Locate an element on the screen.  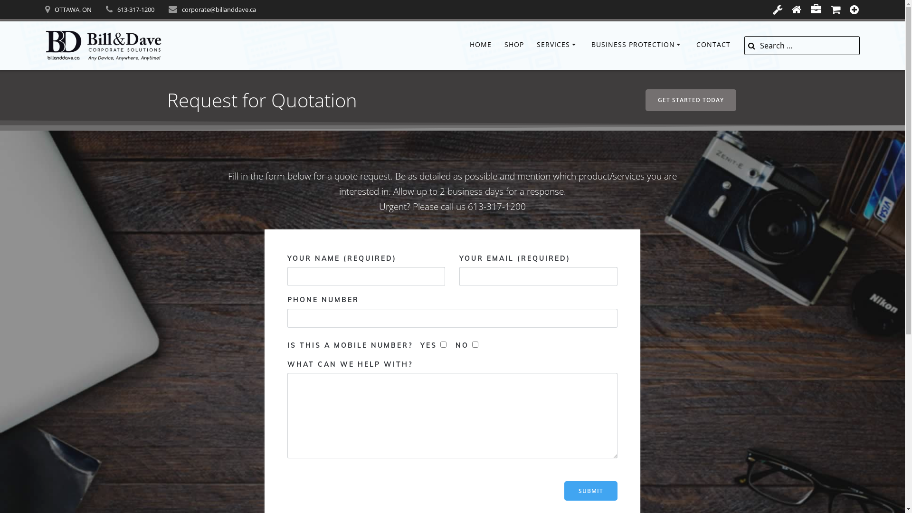
'Submit' is located at coordinates (590, 491).